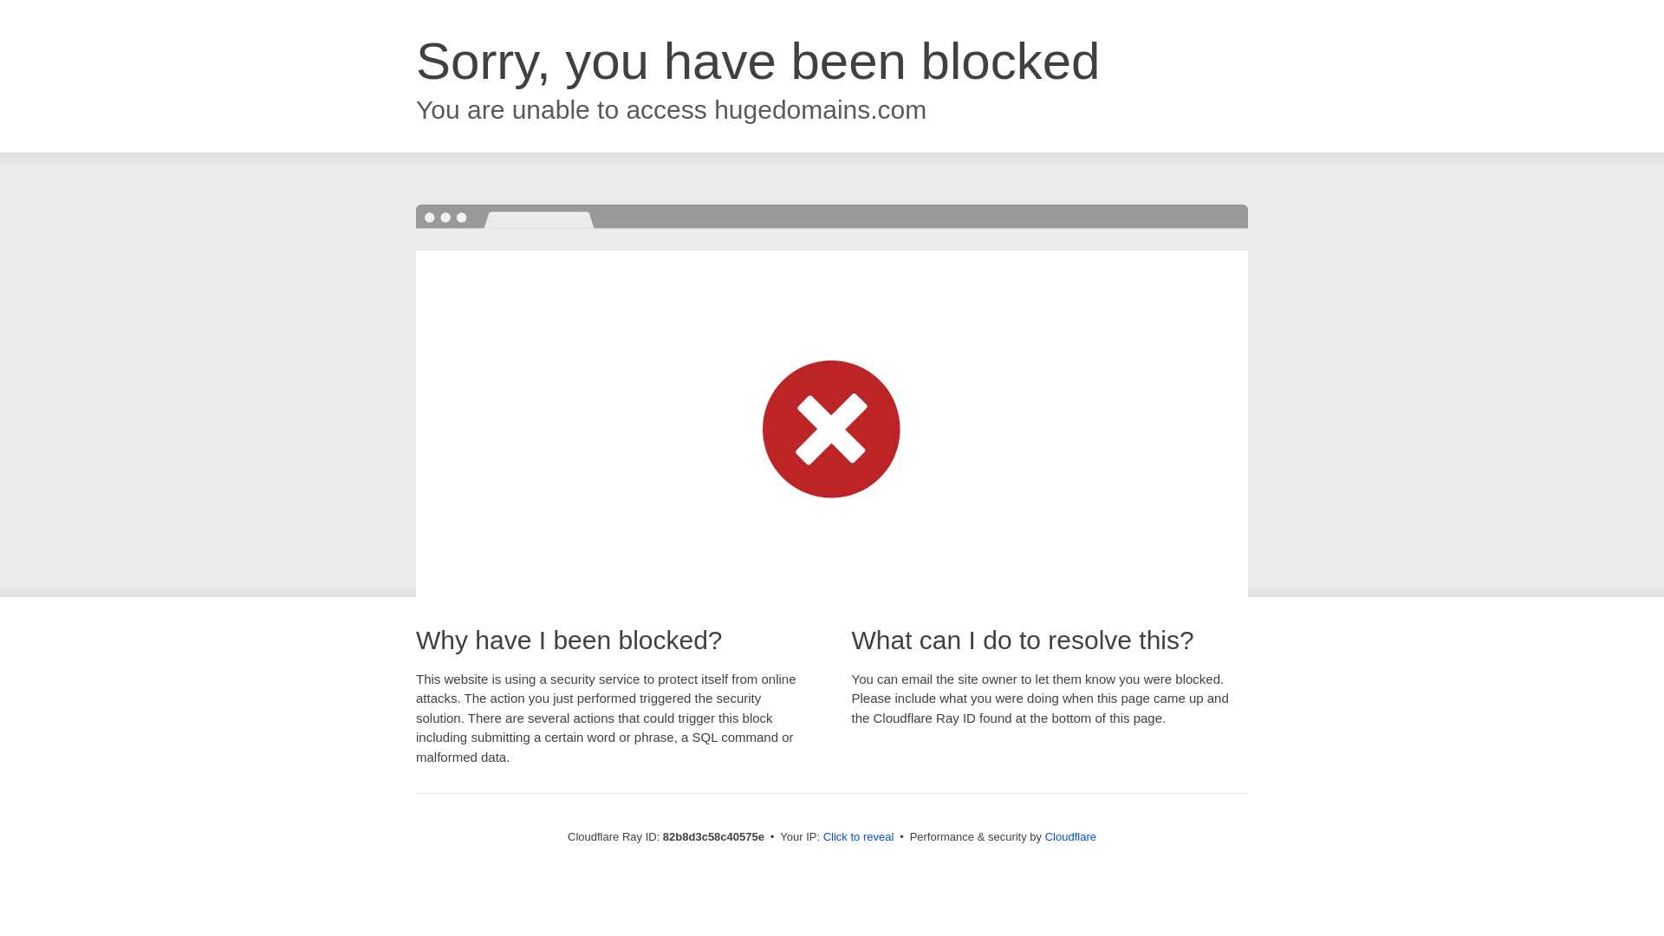 This screenshot has width=1664, height=936. I want to click on 'Click to reveal', so click(858, 835).